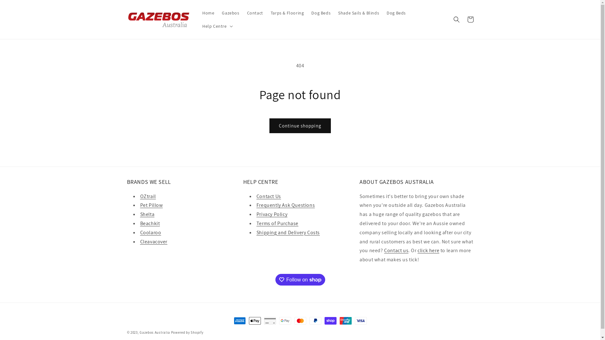 This screenshot has height=340, width=605. What do you see at coordinates (277, 223) in the screenshot?
I see `'Terms of Purchase'` at bounding box center [277, 223].